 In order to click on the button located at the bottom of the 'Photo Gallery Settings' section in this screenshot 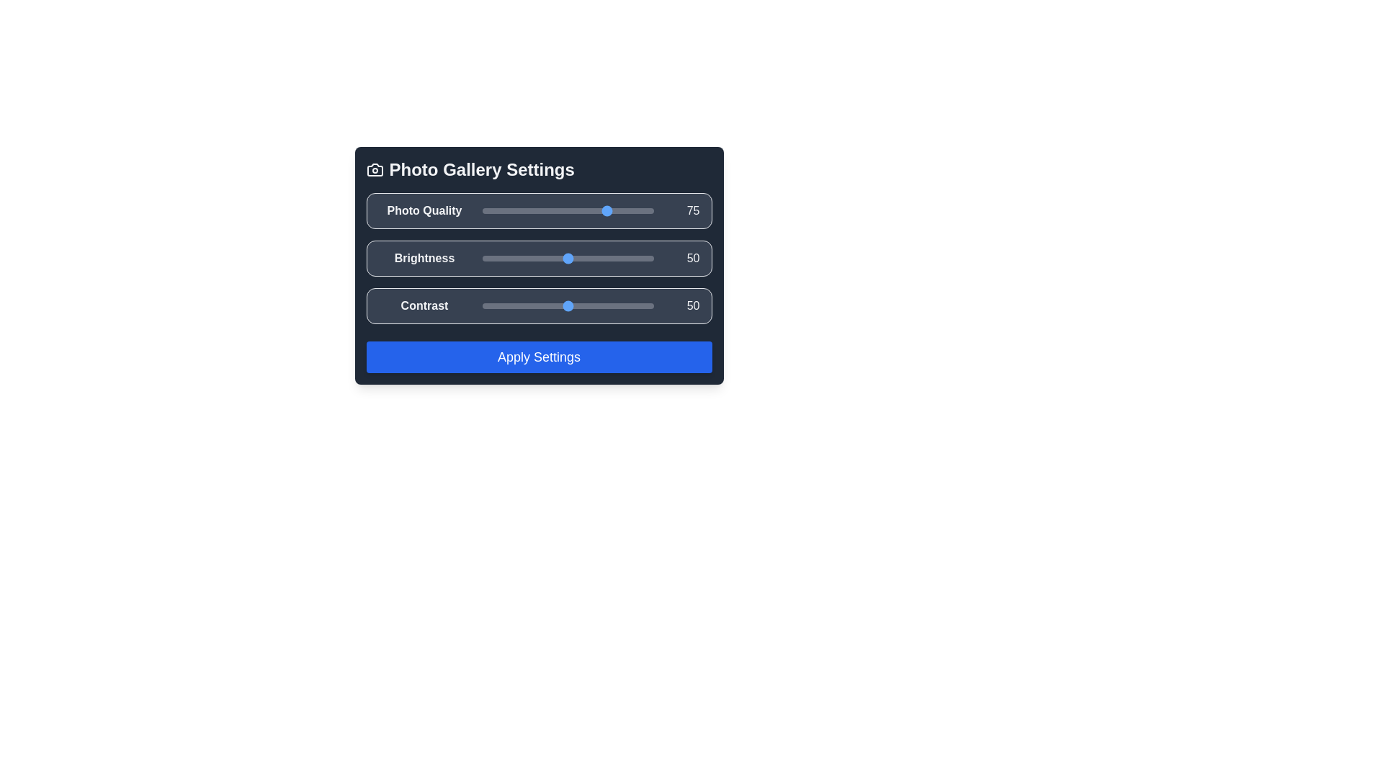, I will do `click(538, 357)`.